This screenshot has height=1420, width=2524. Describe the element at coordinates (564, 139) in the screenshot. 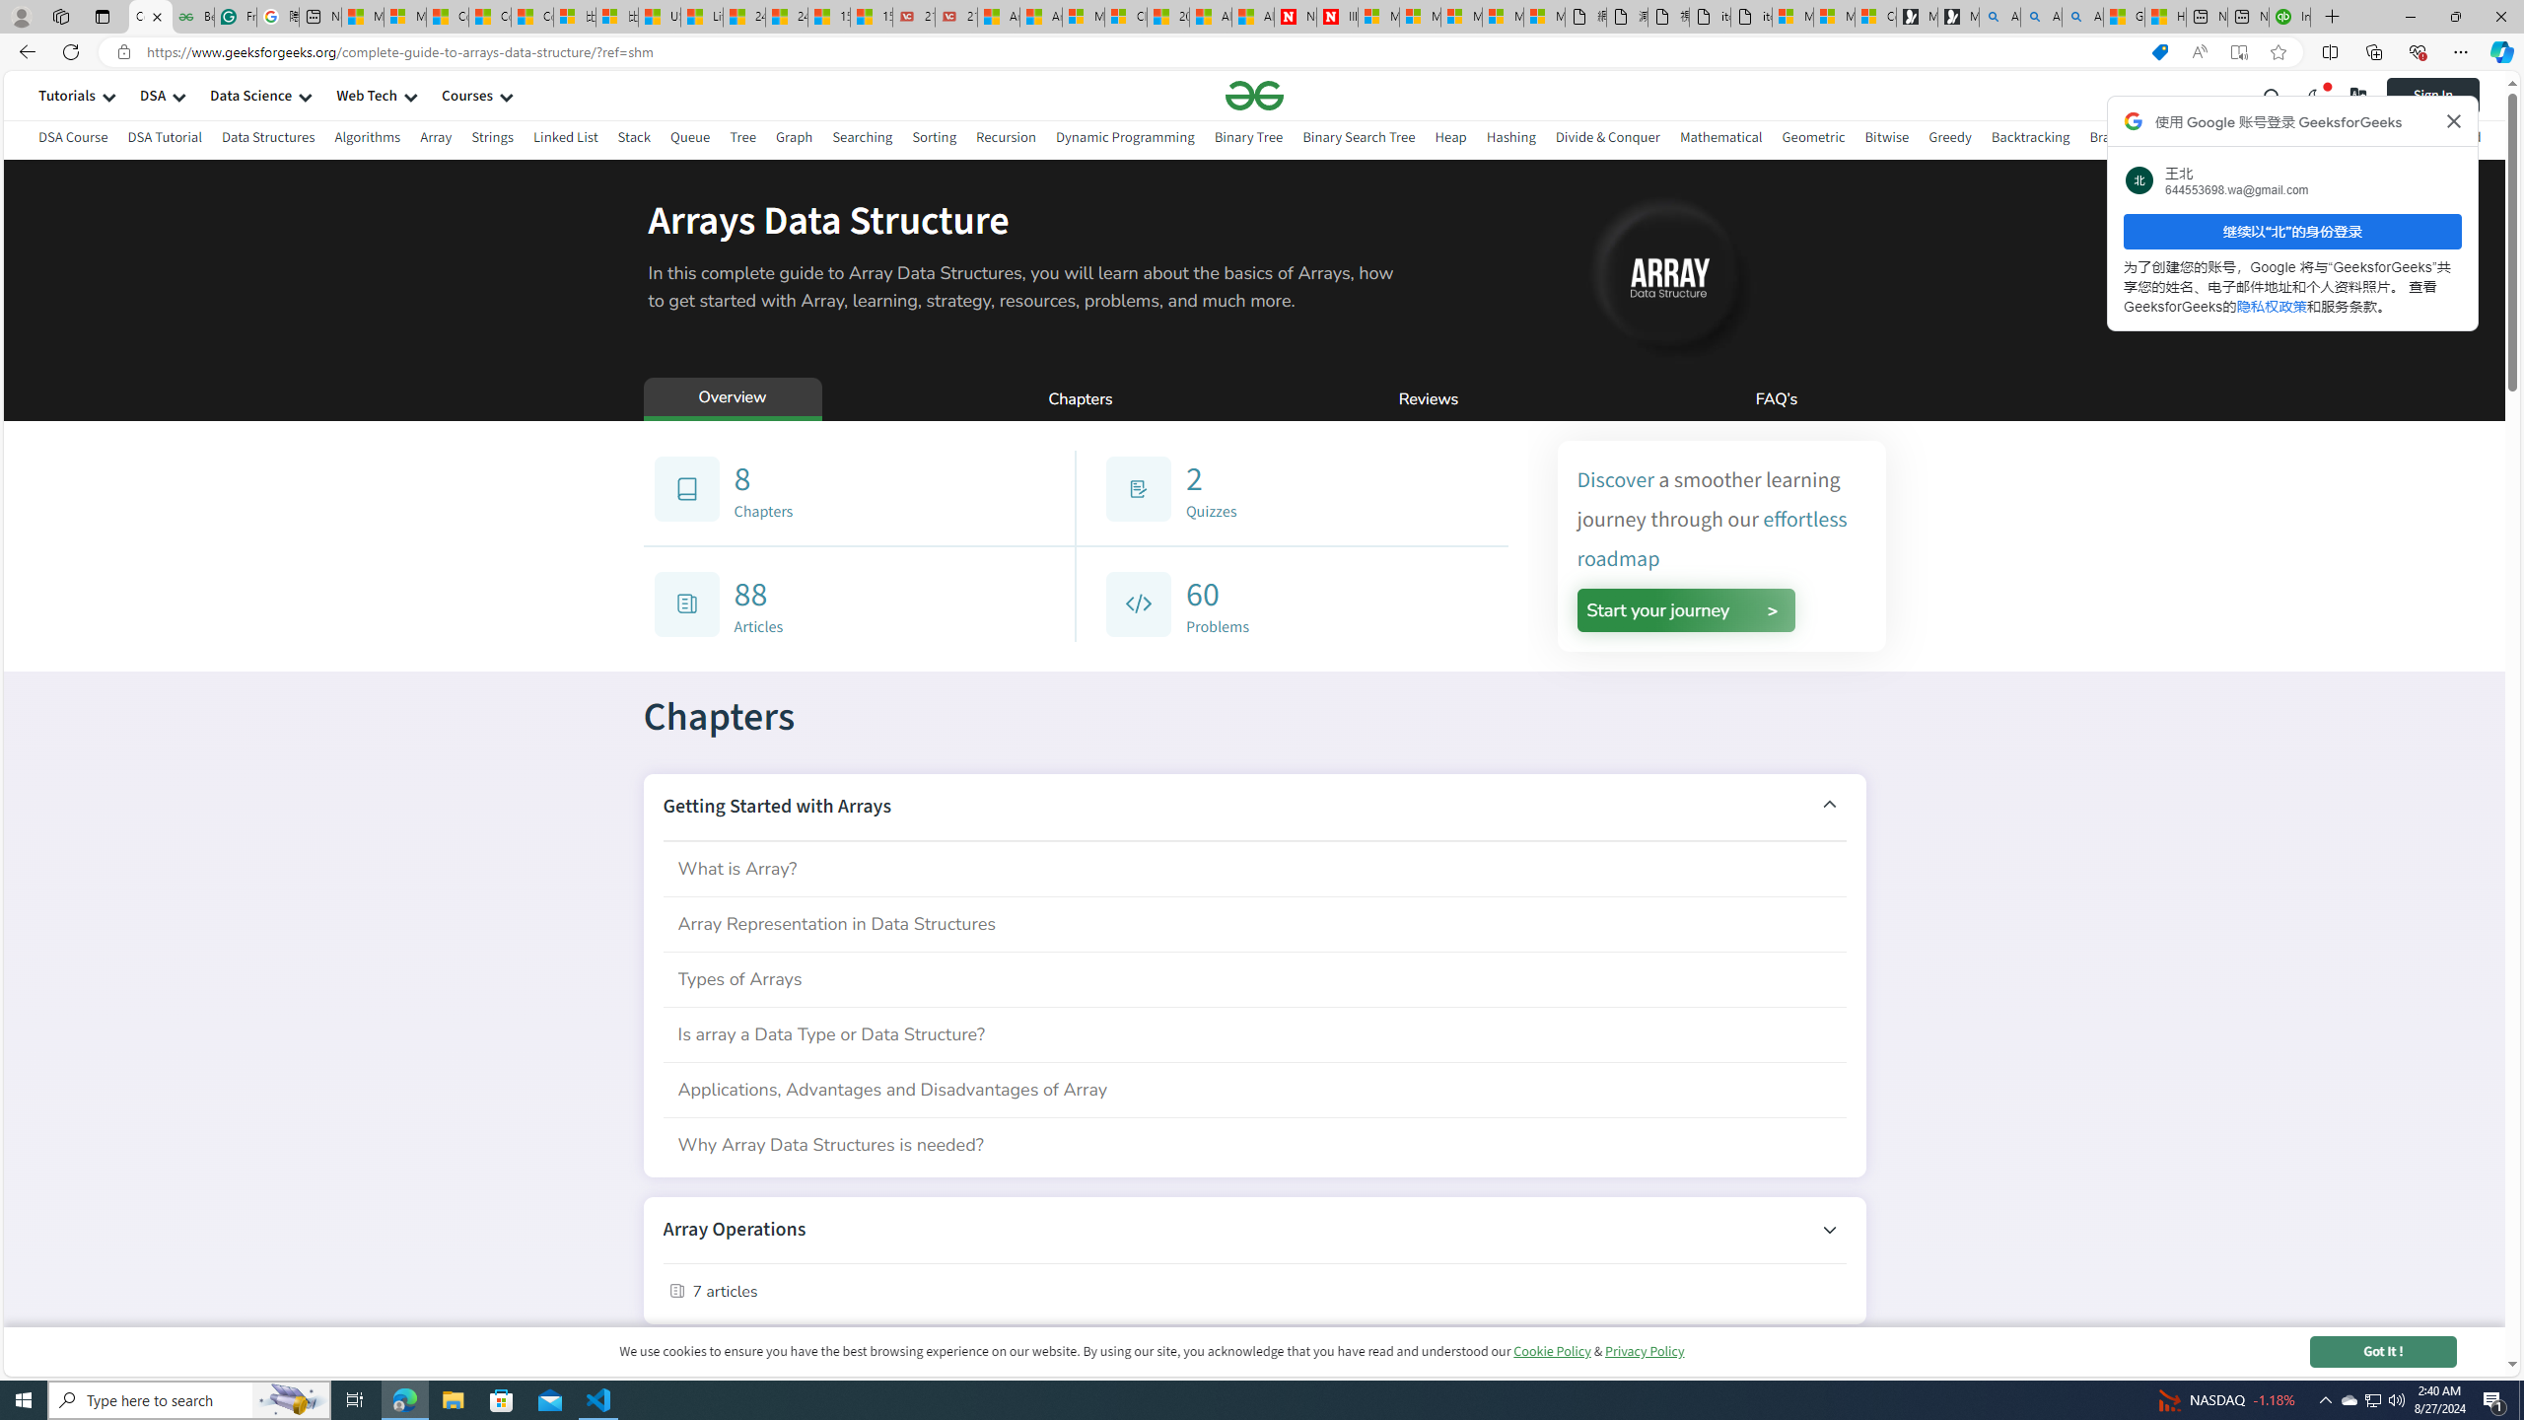

I see `'Linked List'` at that location.